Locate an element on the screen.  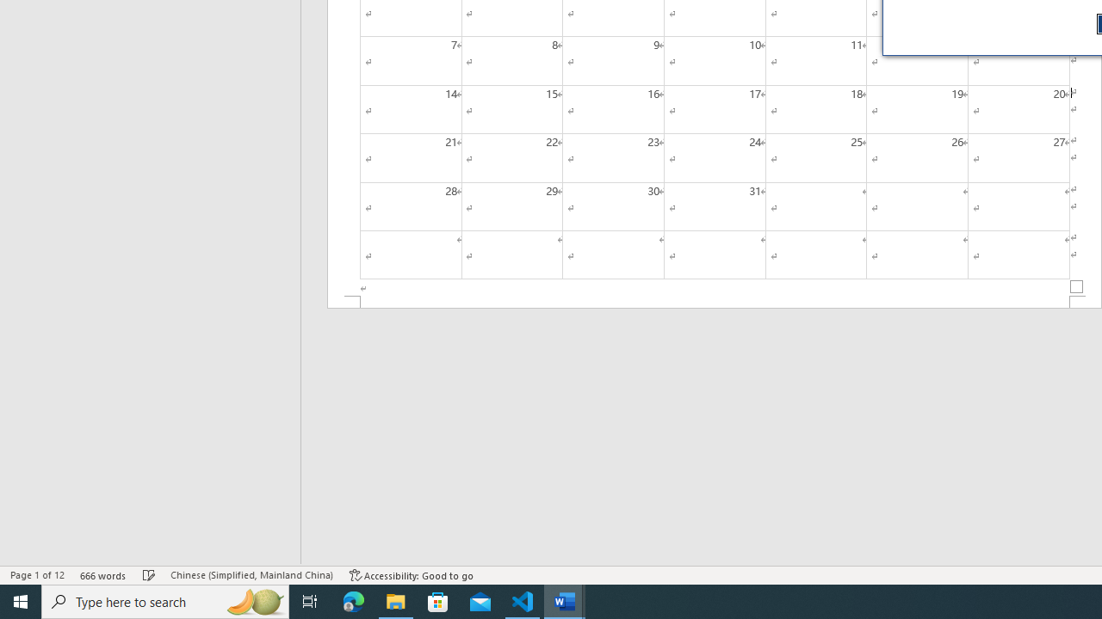
'Task View' is located at coordinates (309, 600).